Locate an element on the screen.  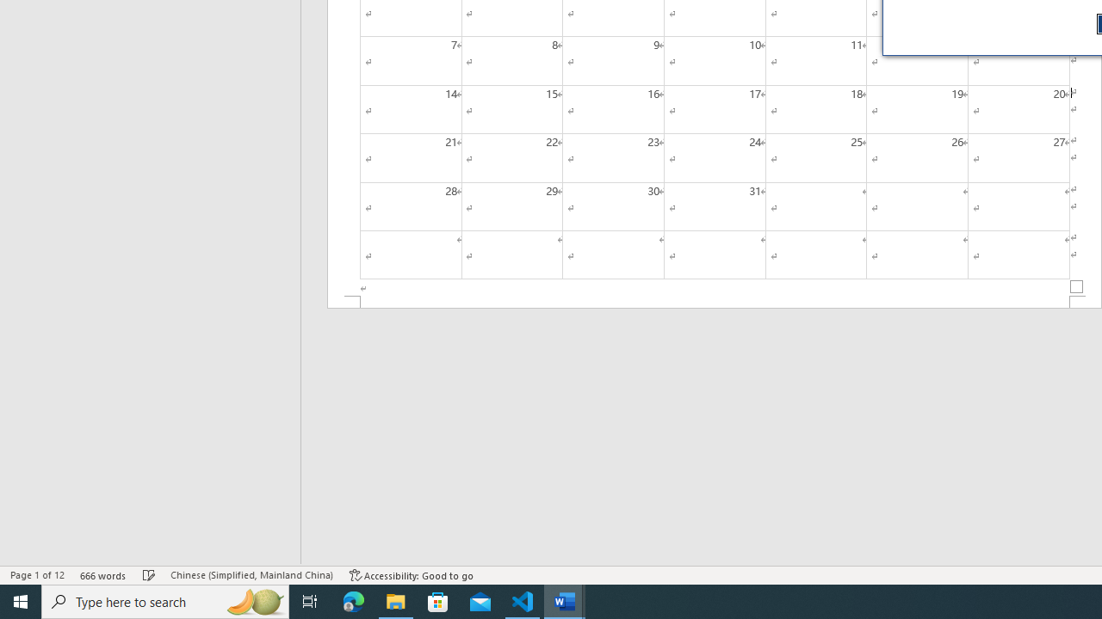
'Task View' is located at coordinates (309, 600).